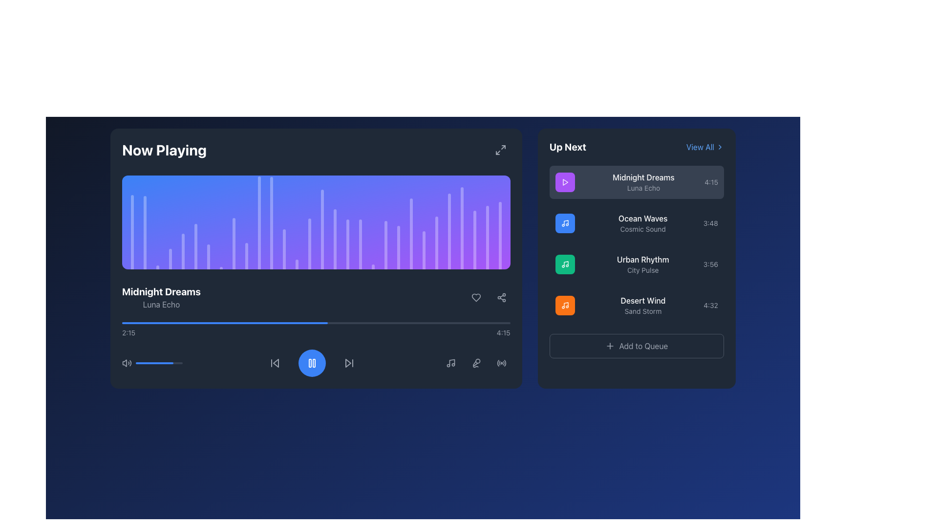 Image resolution: width=938 pixels, height=528 pixels. Describe the element at coordinates (348, 363) in the screenshot. I see `the 'skip forward' button located at the bottom central section of the interface, right of the circular playback button` at that location.